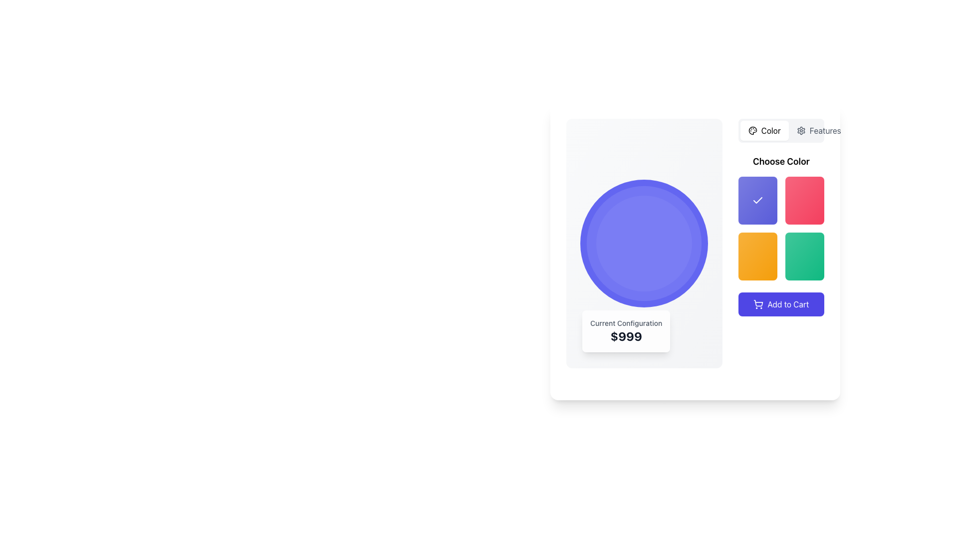  I want to click on the rectangular gradient indigo button with a white checkmark icon located in the top-left corner of the grid layout, so click(757, 200).